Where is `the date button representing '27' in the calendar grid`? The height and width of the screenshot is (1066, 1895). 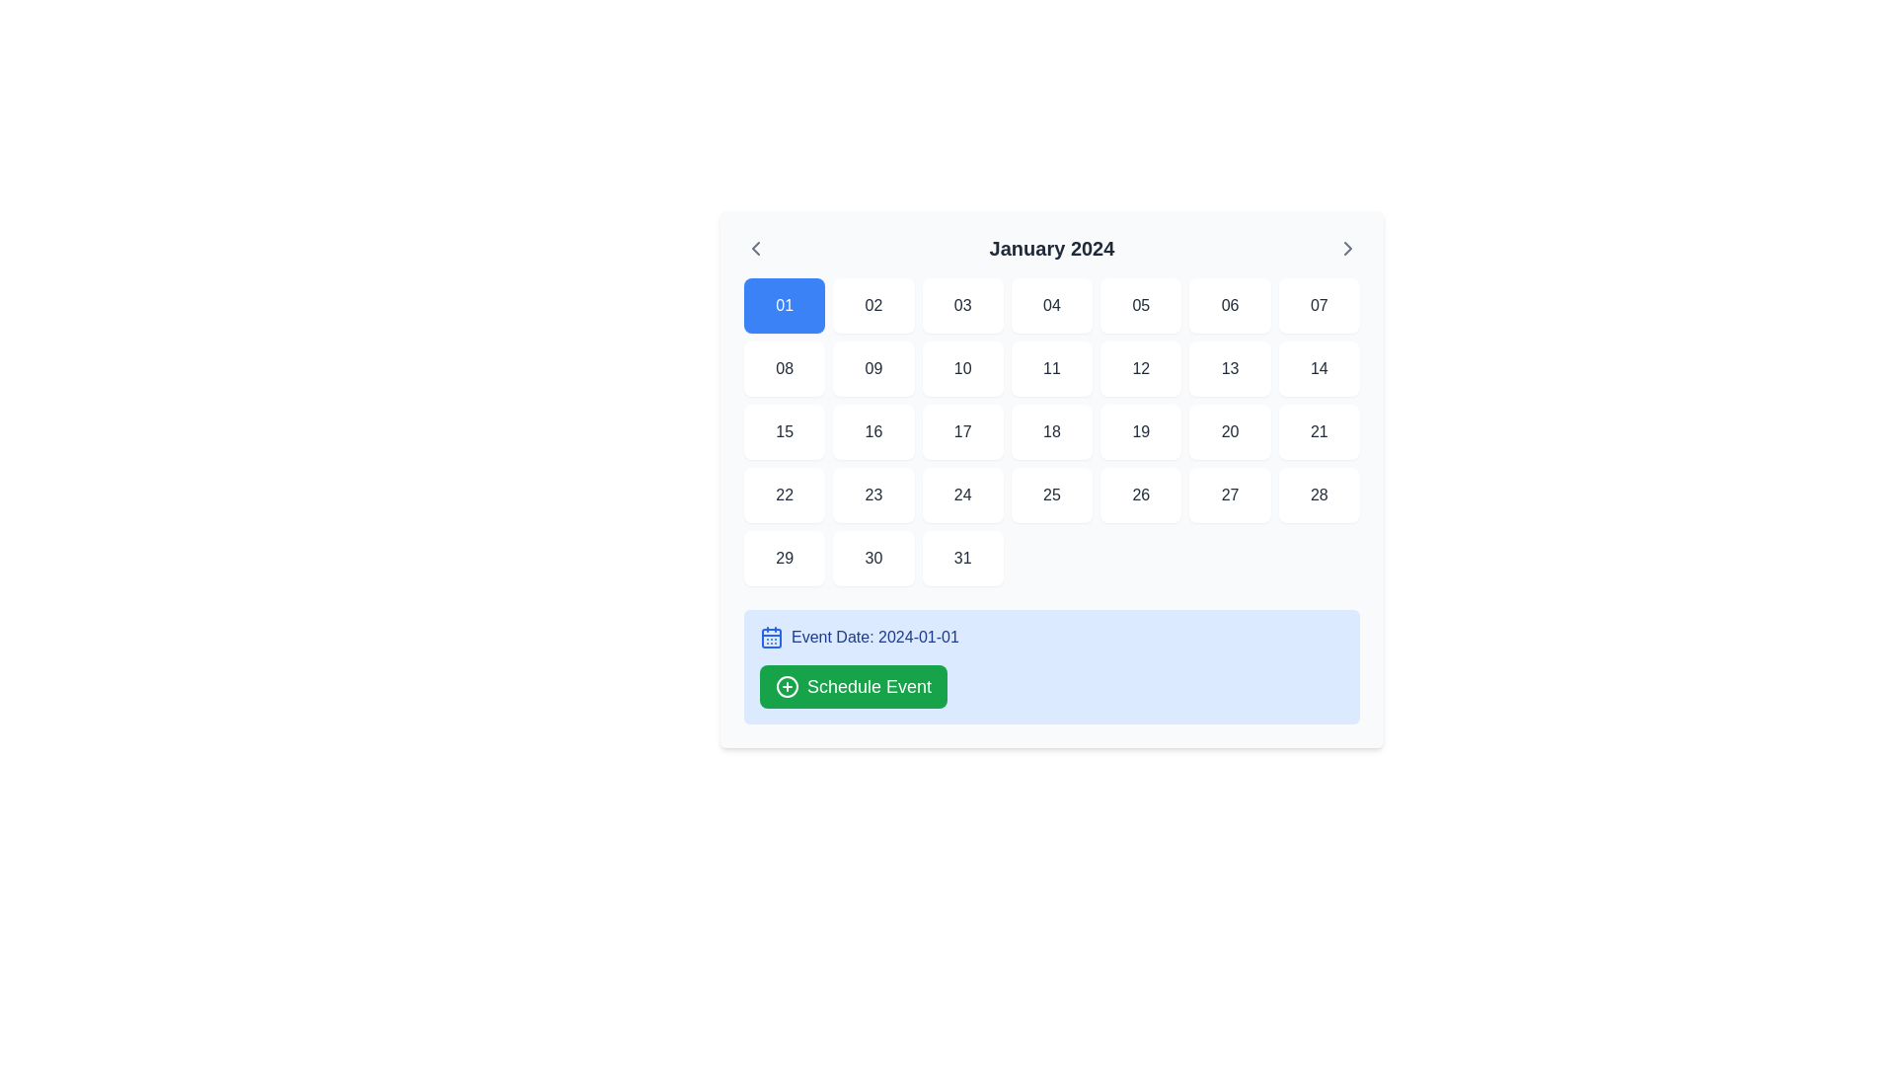
the date button representing '27' in the calendar grid is located at coordinates (1229, 494).